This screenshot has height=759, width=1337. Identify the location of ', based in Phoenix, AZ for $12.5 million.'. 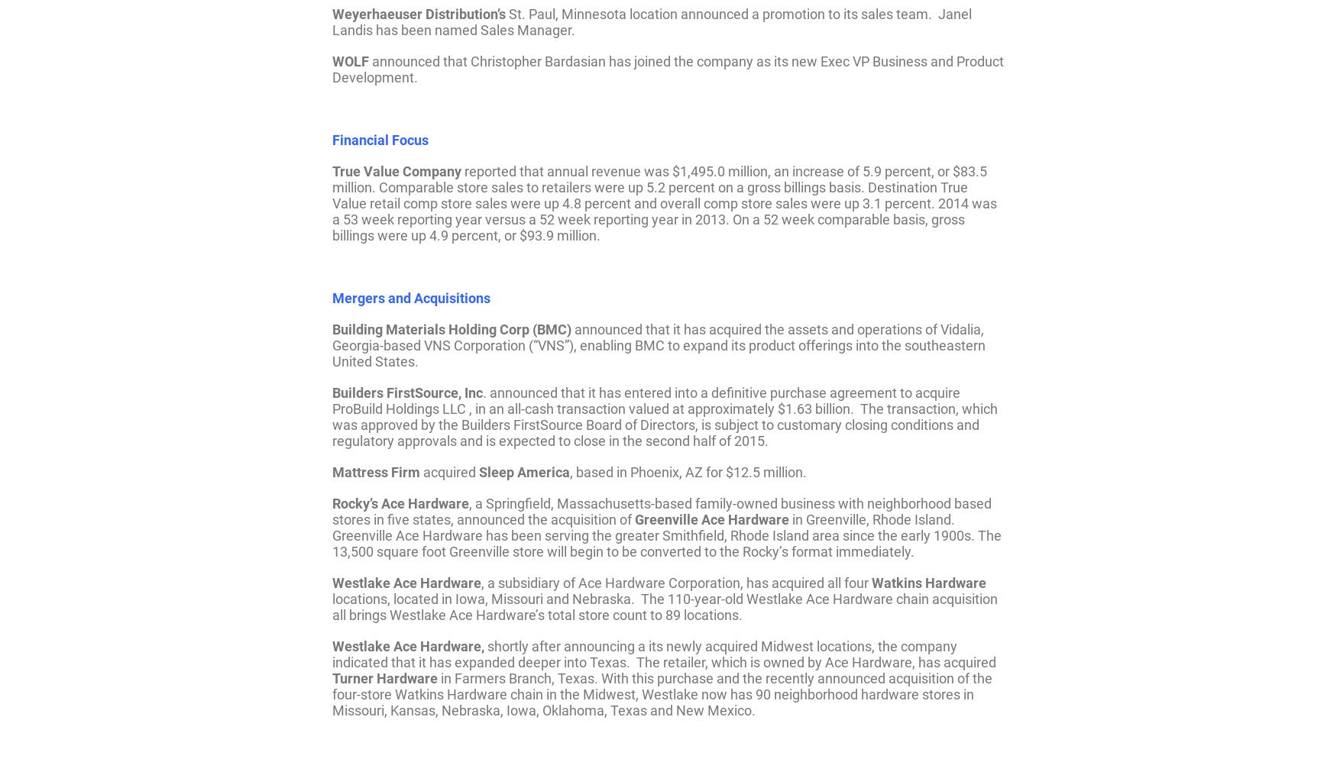
(688, 470).